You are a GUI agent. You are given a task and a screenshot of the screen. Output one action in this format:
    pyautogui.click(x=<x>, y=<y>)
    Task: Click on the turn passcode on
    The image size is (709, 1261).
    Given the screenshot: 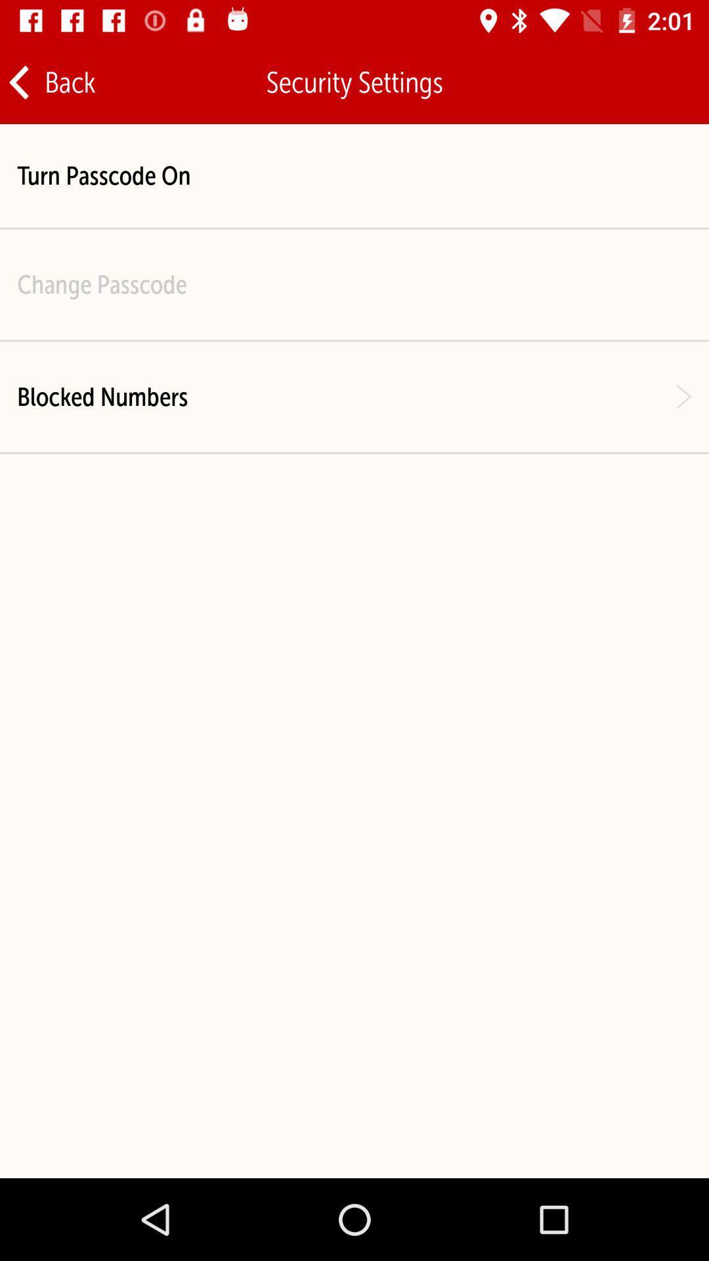 What is the action you would take?
    pyautogui.click(x=103, y=175)
    